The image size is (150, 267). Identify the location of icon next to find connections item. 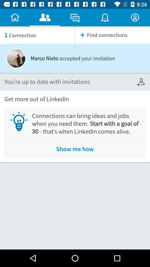
(37, 35).